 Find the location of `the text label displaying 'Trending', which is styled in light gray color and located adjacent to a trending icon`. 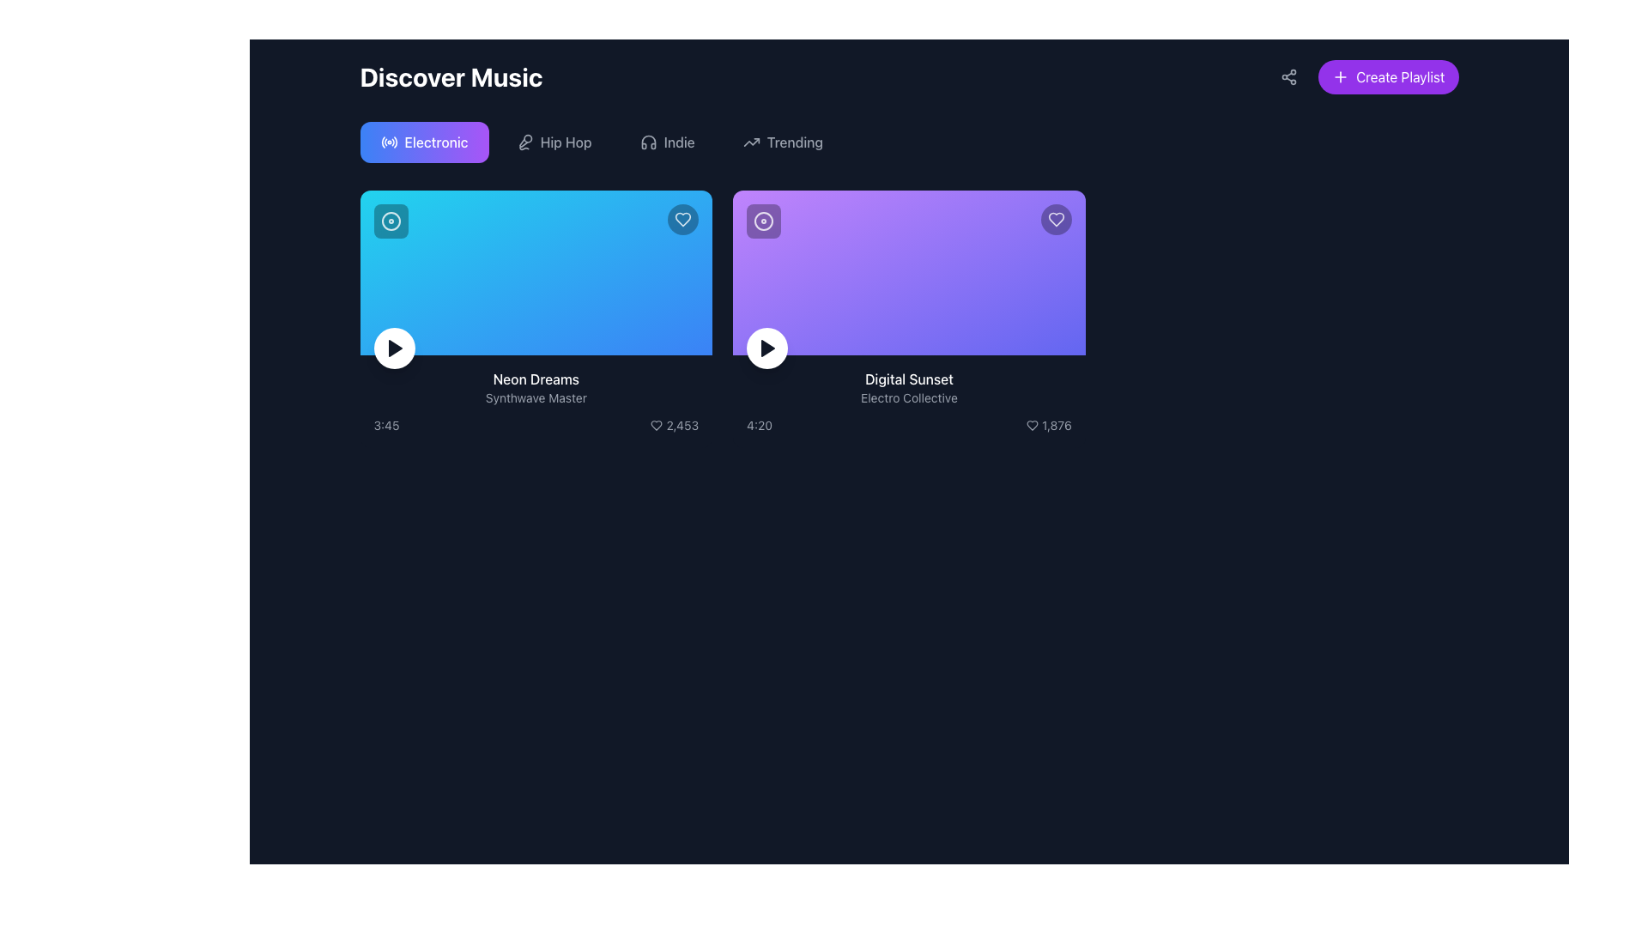

the text label displaying 'Trending', which is styled in light gray color and located adjacent to a trending icon is located at coordinates (794, 141).